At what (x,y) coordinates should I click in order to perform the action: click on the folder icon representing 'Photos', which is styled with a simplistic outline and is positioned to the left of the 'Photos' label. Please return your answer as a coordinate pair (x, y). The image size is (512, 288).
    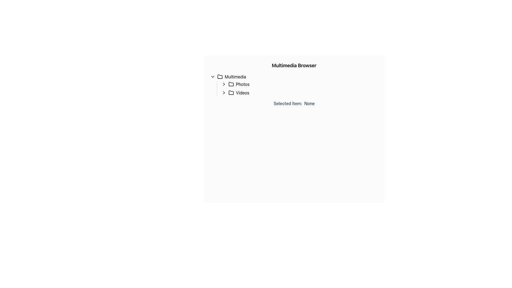
    Looking at the image, I should click on (231, 84).